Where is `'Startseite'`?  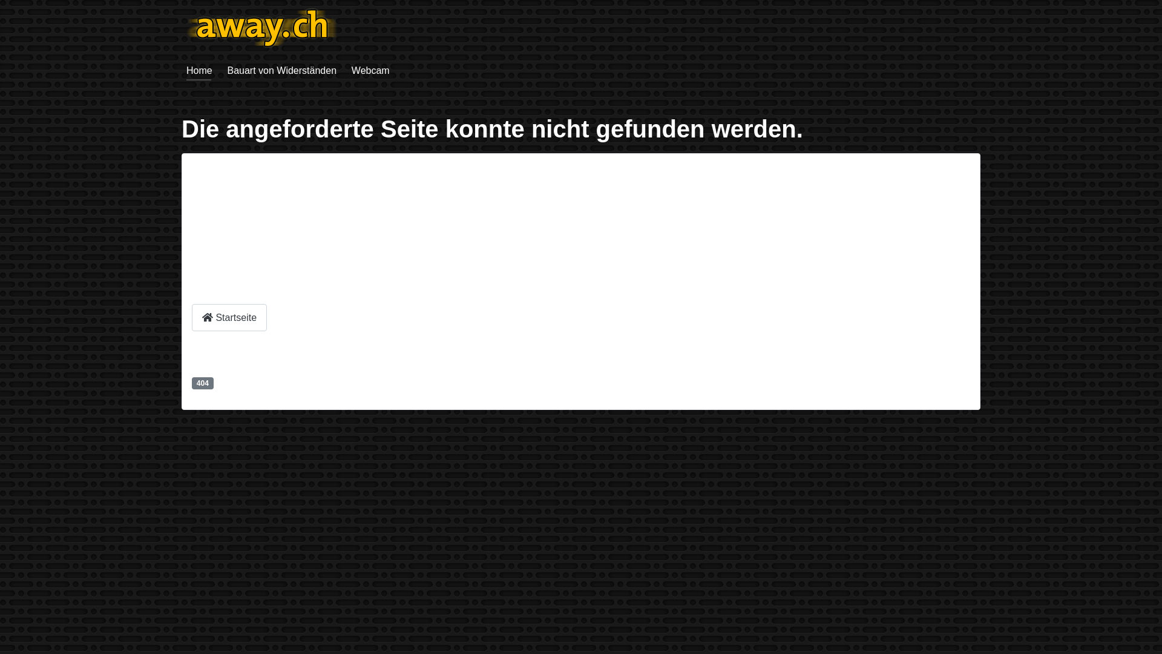 'Startseite' is located at coordinates (229, 317).